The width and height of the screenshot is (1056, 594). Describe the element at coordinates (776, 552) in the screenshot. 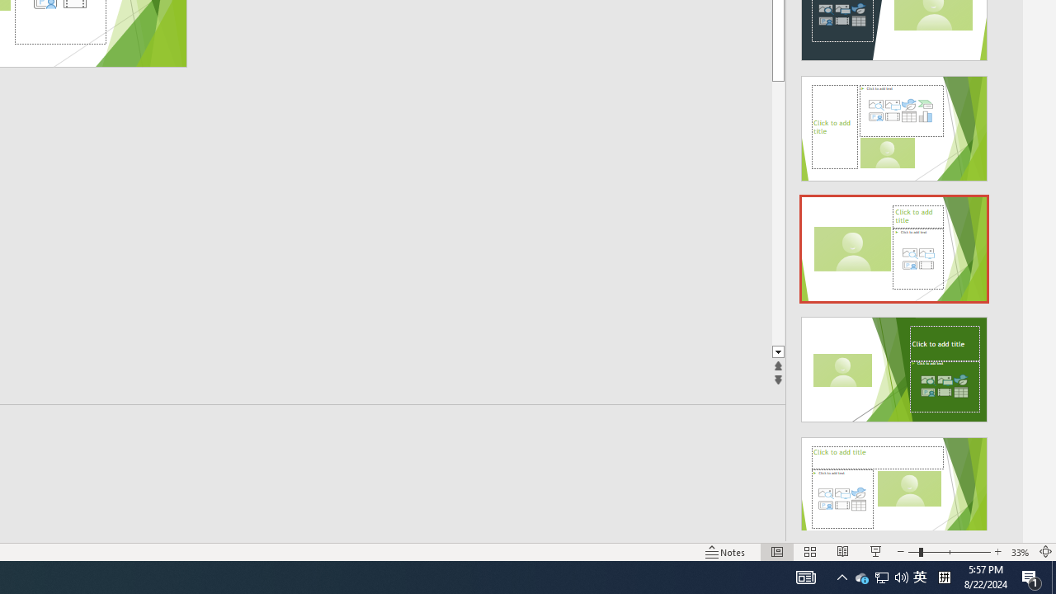

I see `'Normal'` at that location.